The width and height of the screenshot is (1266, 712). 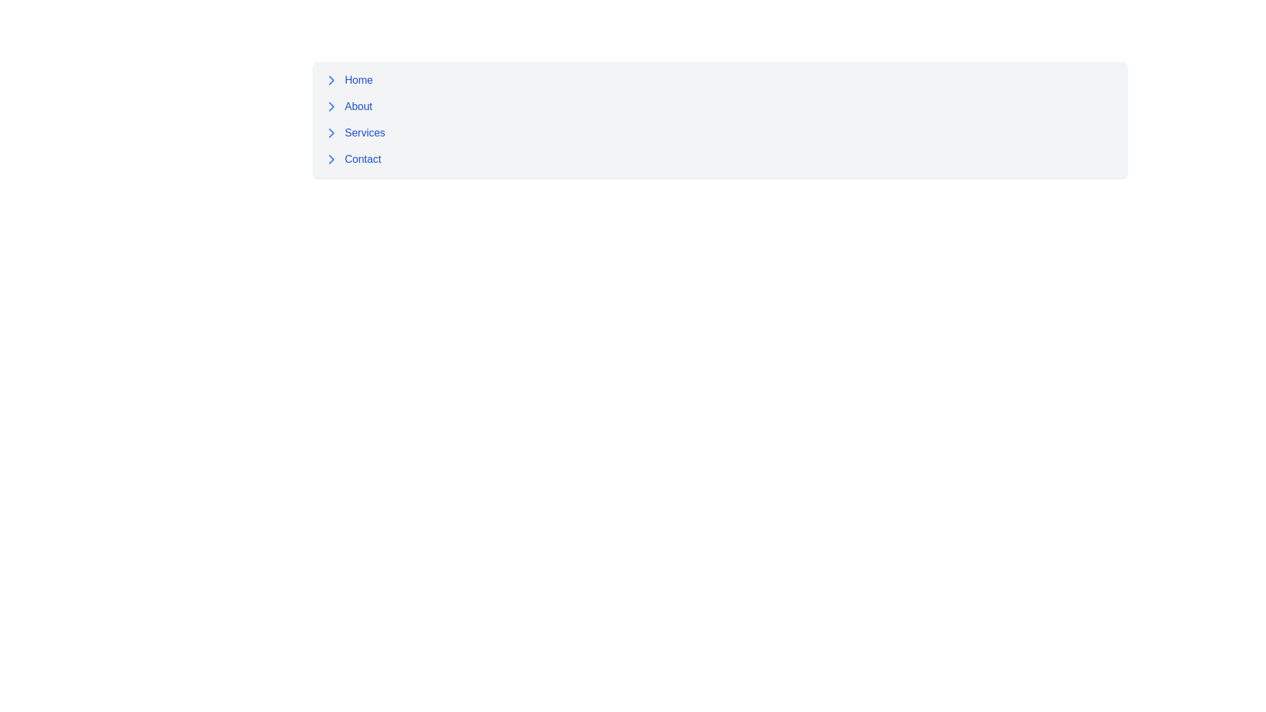 I want to click on the 'About' hyperlink in the vertical menu, so click(x=358, y=106).